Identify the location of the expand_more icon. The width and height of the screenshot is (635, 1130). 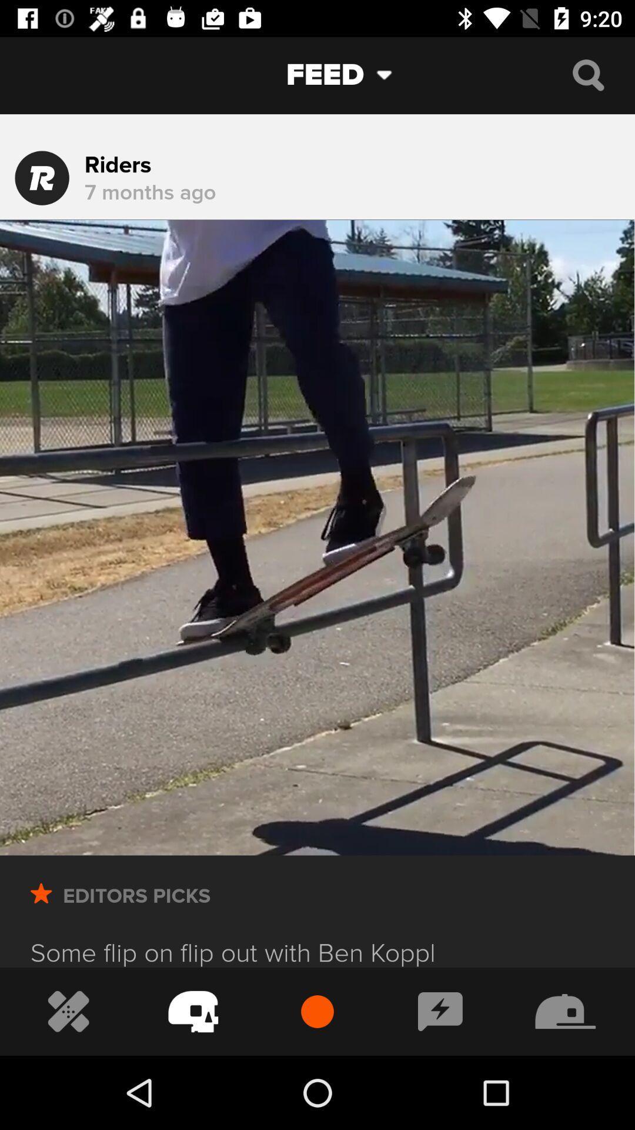
(393, 74).